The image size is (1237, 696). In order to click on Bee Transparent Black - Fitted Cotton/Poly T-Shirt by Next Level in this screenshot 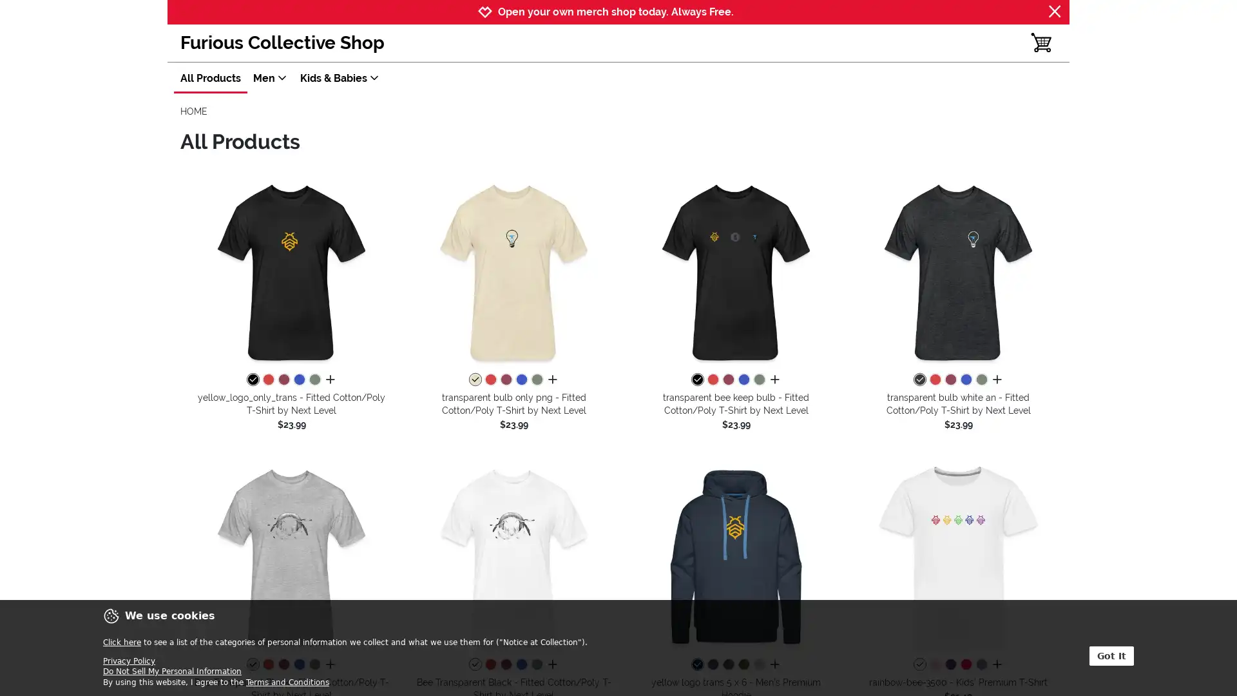, I will do `click(513, 556)`.